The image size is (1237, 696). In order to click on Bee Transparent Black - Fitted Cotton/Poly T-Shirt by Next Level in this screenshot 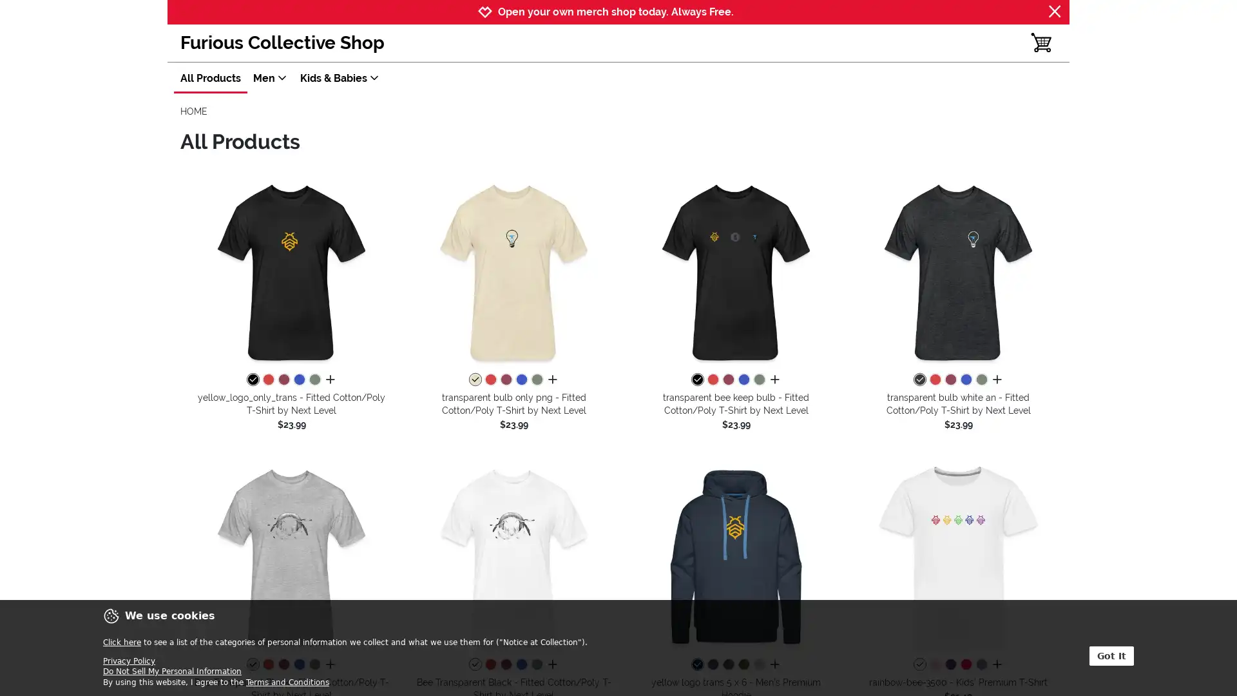, I will do `click(513, 556)`.